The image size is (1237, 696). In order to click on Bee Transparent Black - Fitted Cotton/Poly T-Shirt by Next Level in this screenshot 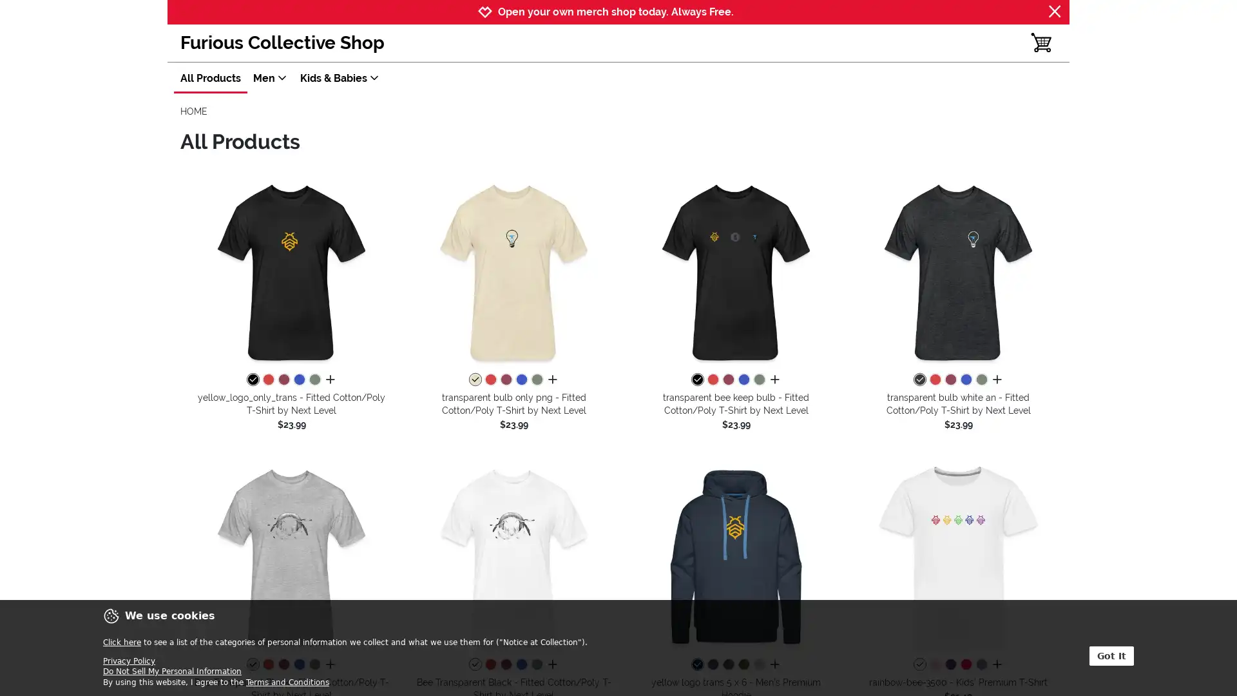, I will do `click(513, 556)`.